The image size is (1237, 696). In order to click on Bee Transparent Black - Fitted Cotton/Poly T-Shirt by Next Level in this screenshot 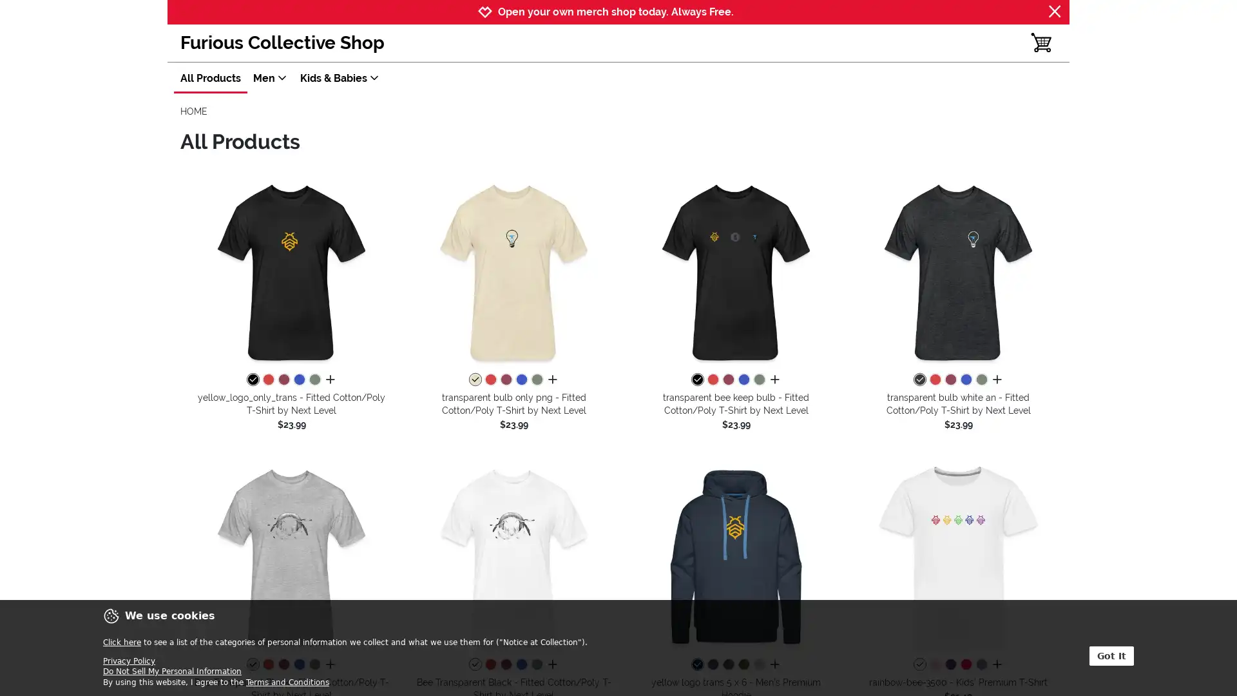, I will do `click(513, 556)`.